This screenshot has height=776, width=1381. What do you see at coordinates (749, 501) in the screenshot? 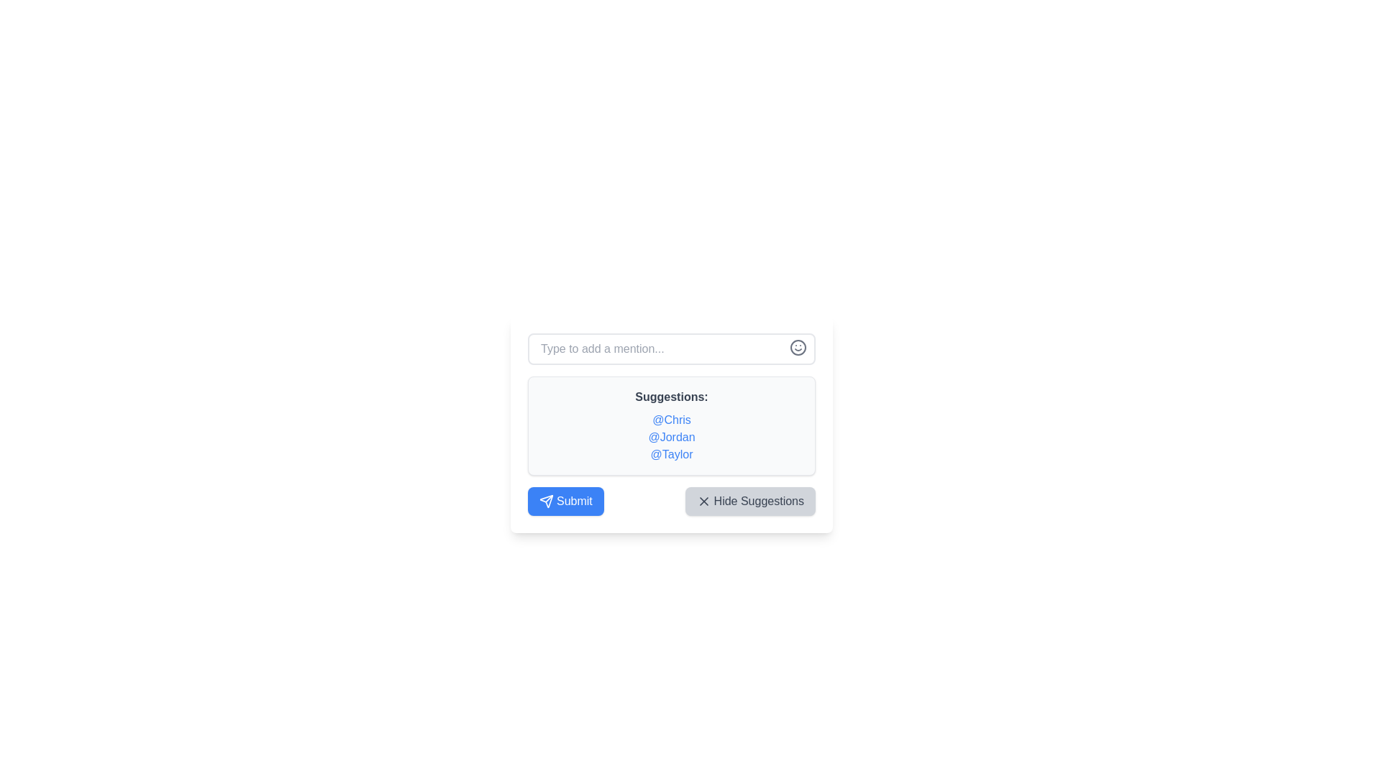
I see `the button that hides the displayed suggestions, which is located towards the lower right of the suggestion box, adjacent to the 'Submit' button` at bounding box center [749, 501].